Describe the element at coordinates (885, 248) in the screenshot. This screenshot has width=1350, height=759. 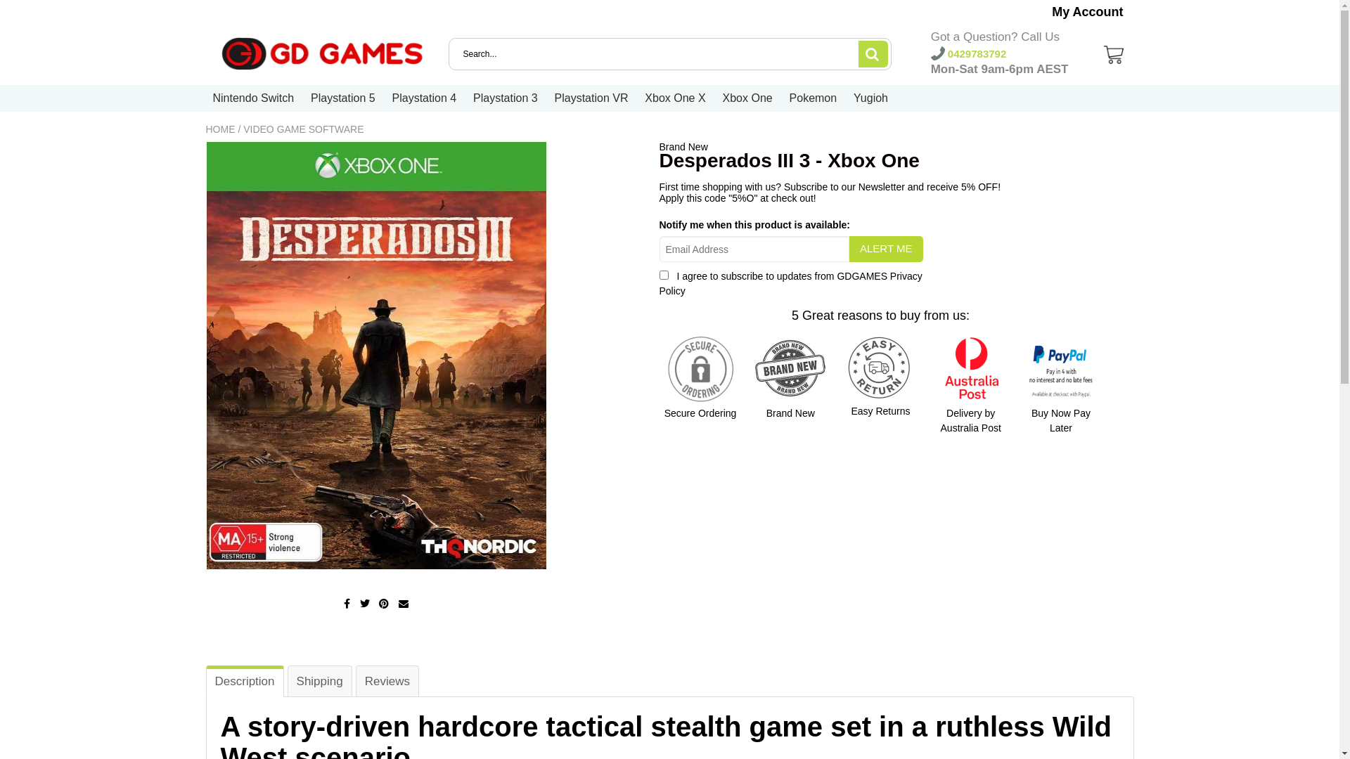
I see `'Alert Me'` at that location.